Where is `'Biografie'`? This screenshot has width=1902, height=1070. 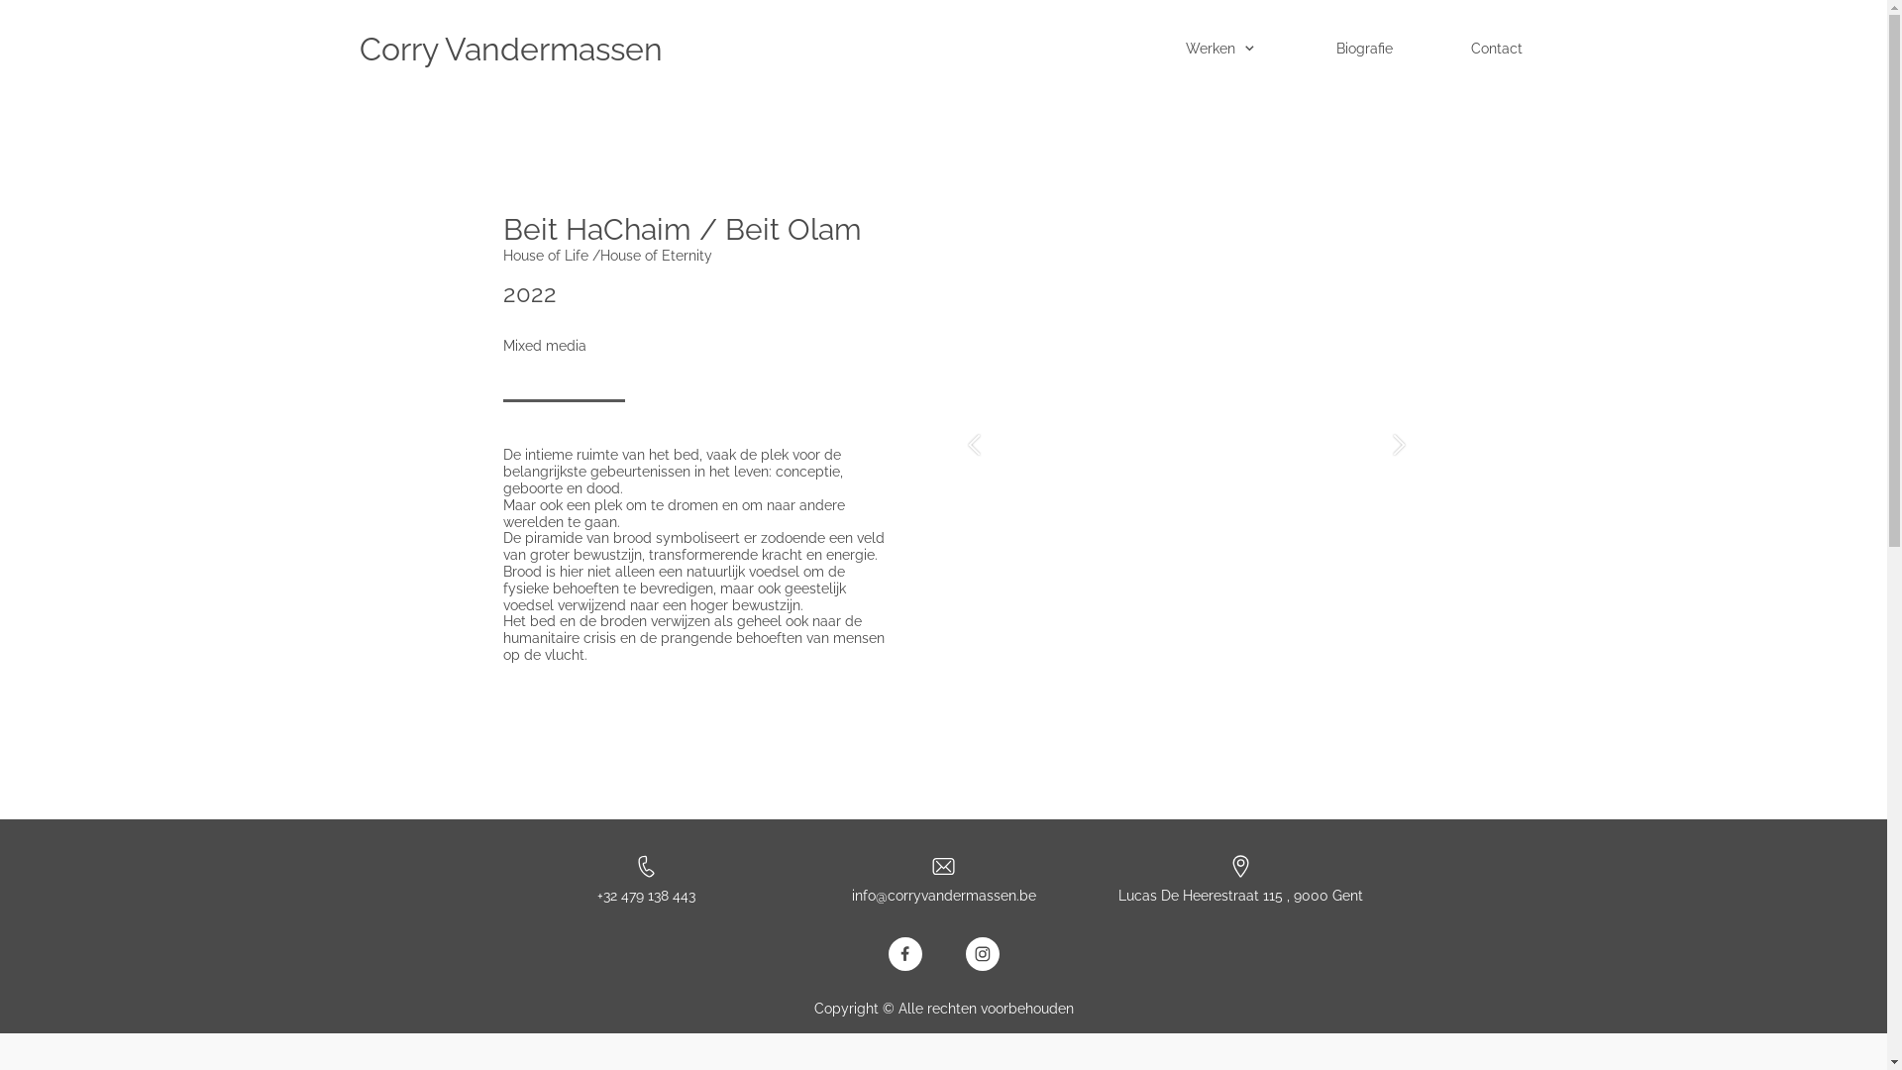
'Biografie' is located at coordinates (1373, 49).